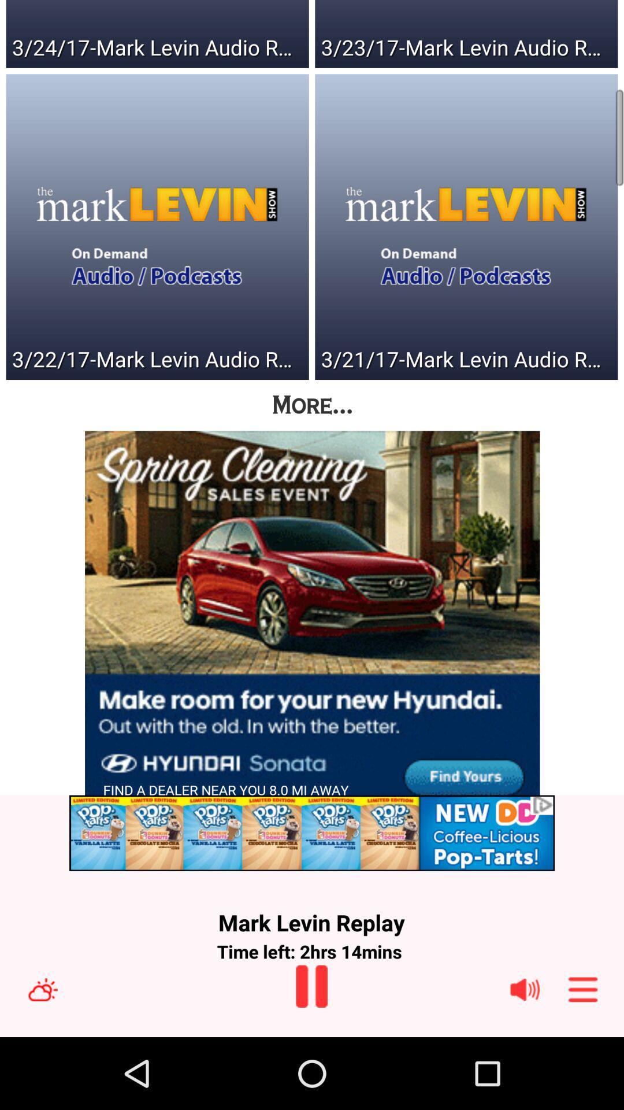  Describe the element at coordinates (583, 989) in the screenshot. I see `access the menu` at that location.